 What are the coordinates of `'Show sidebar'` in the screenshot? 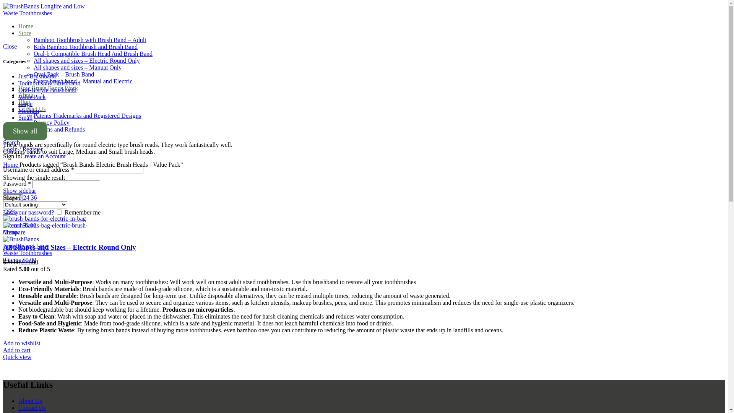 It's located at (19, 190).